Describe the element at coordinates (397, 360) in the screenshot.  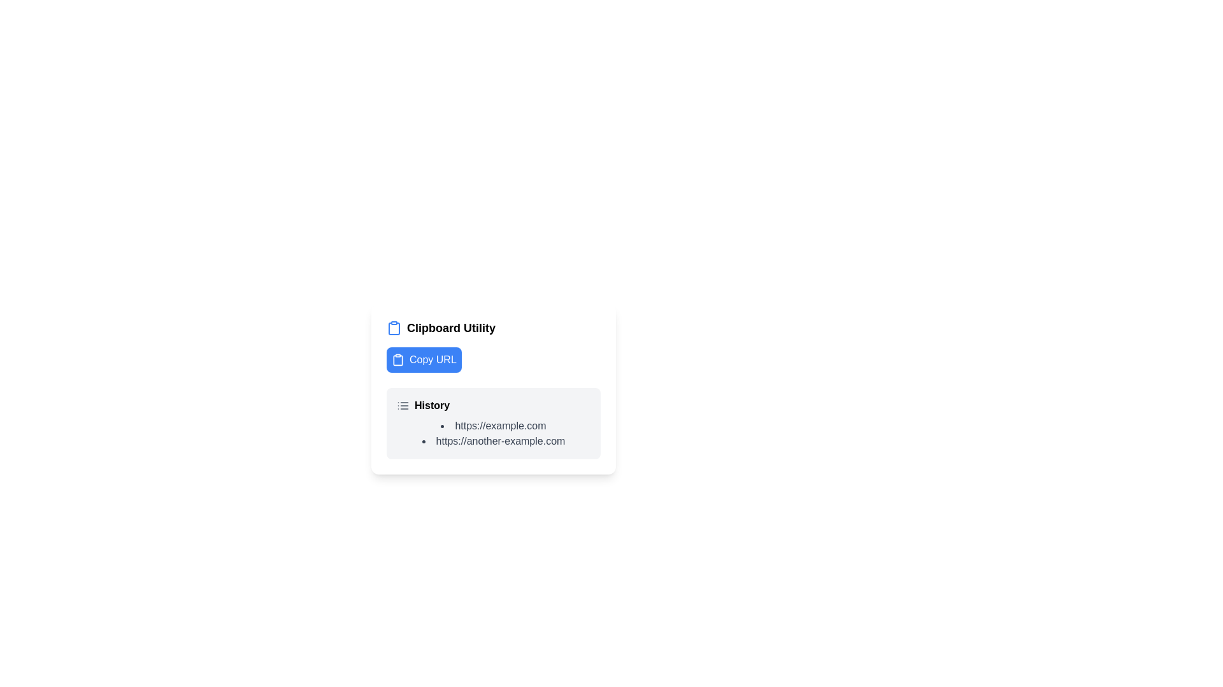
I see `the clipboard icon located at the leftmost part of the 'Copy URL' button` at that location.